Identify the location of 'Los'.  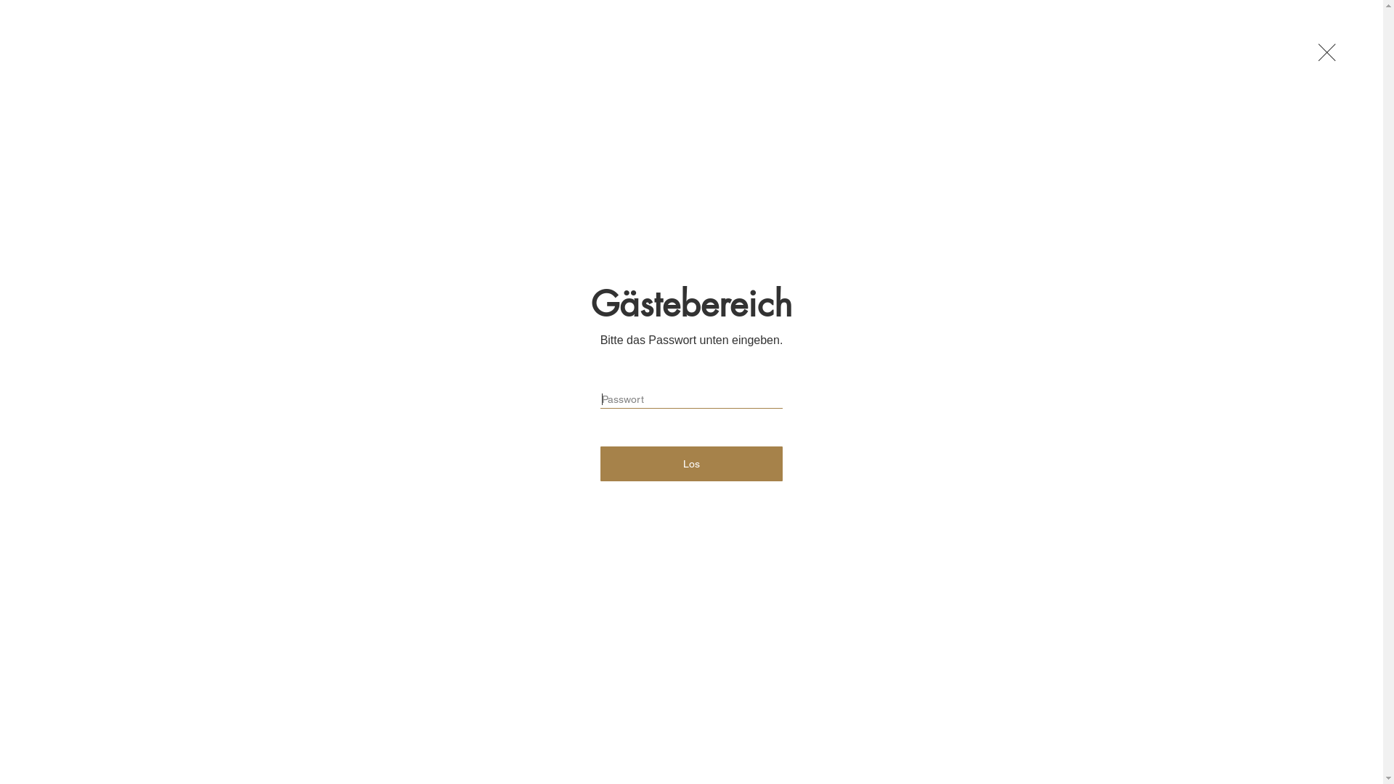
(691, 464).